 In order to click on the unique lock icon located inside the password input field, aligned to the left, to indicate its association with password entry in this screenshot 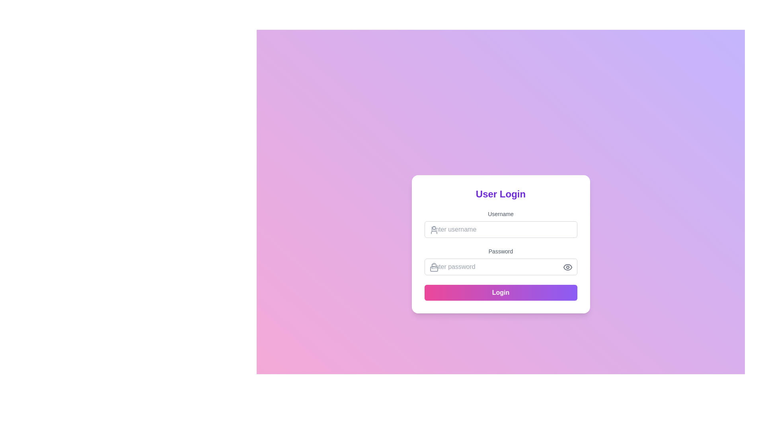, I will do `click(433, 267)`.